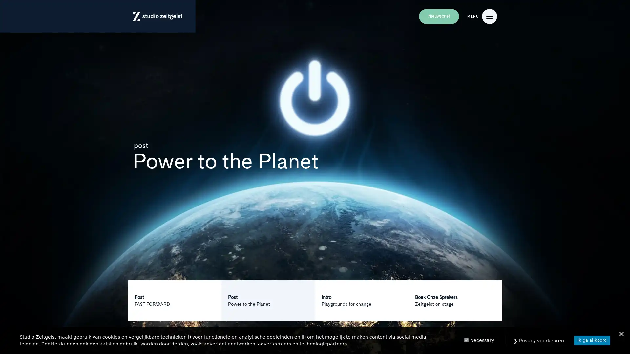  What do you see at coordinates (439, 16) in the screenshot?
I see `Nieuwsbrief` at bounding box center [439, 16].